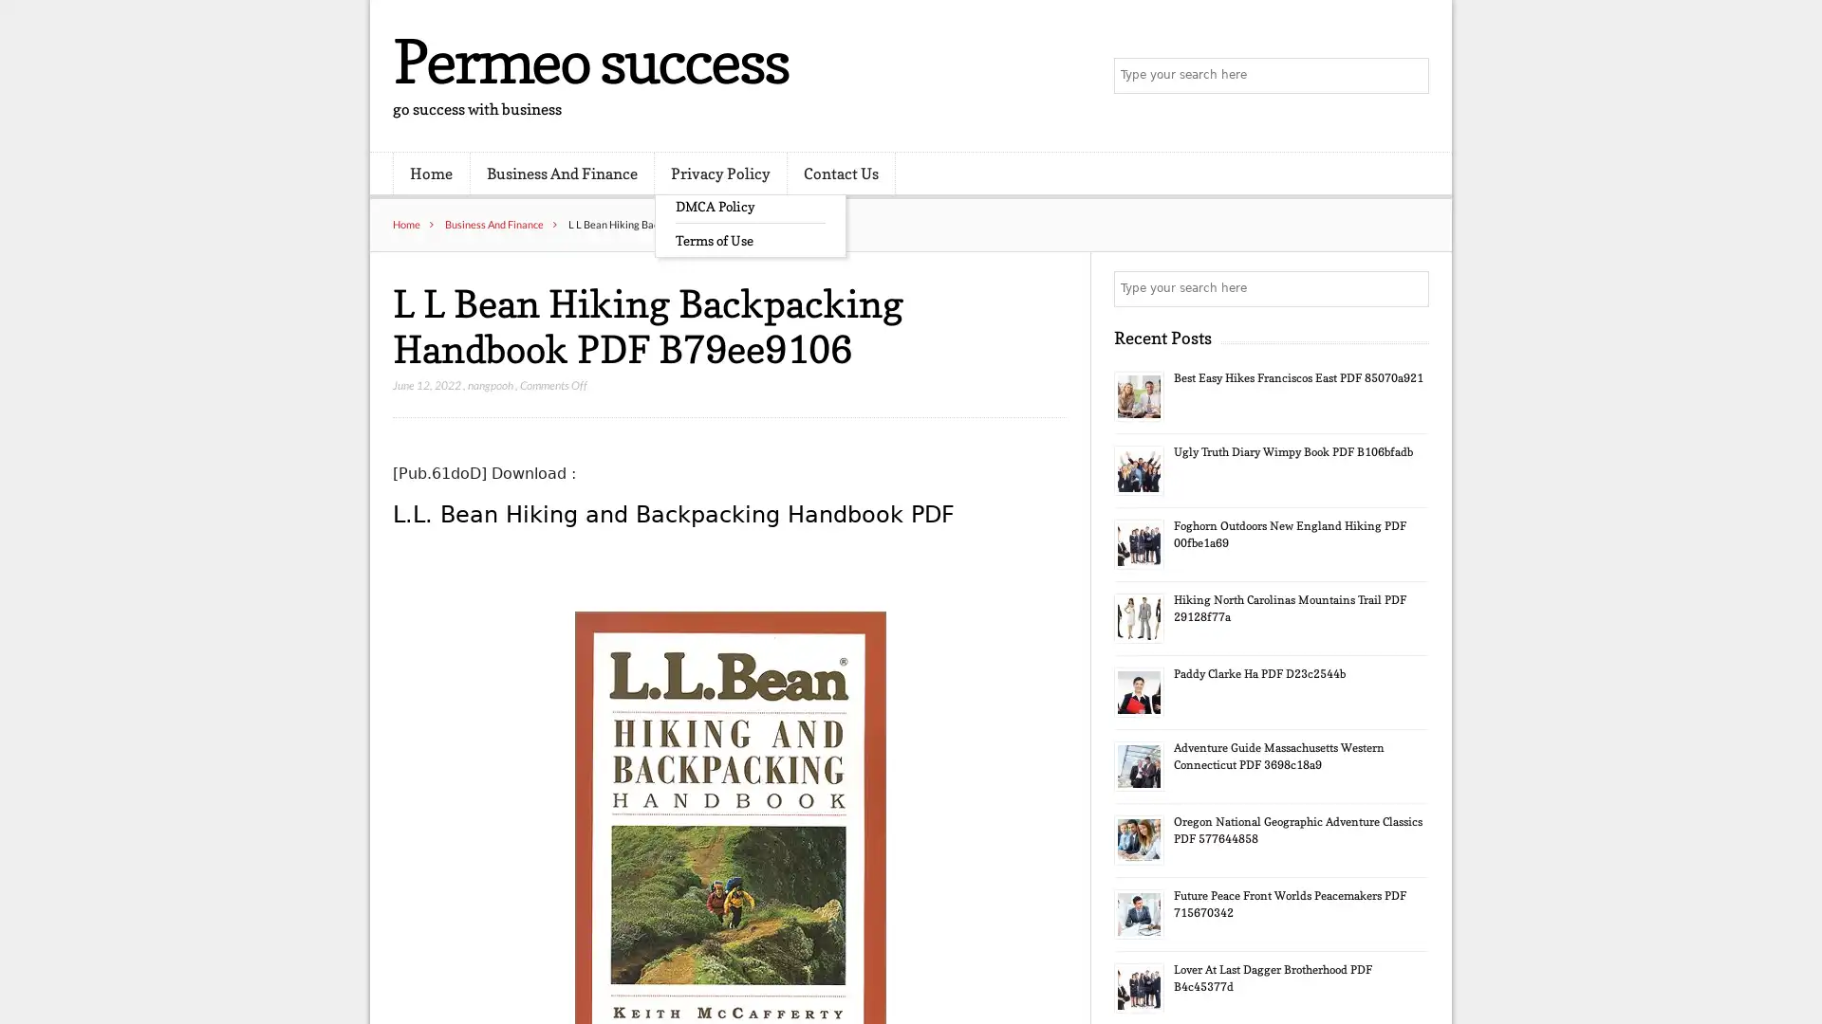 This screenshot has width=1822, height=1024. Describe the element at coordinates (1409, 76) in the screenshot. I see `Search` at that location.